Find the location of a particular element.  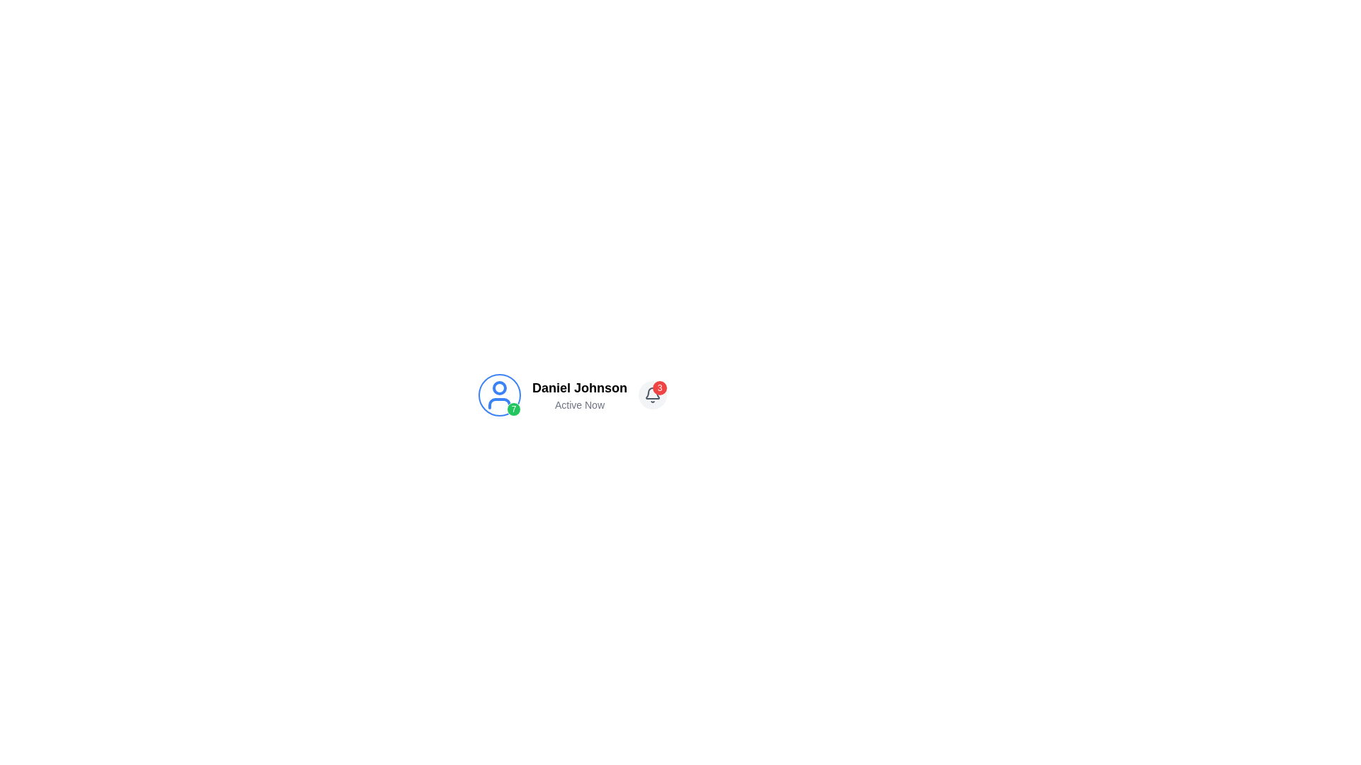

the small circular badge with a green background and white border, displaying the number '7', located at the bottom-right corner of the user icon is located at coordinates (513, 409).